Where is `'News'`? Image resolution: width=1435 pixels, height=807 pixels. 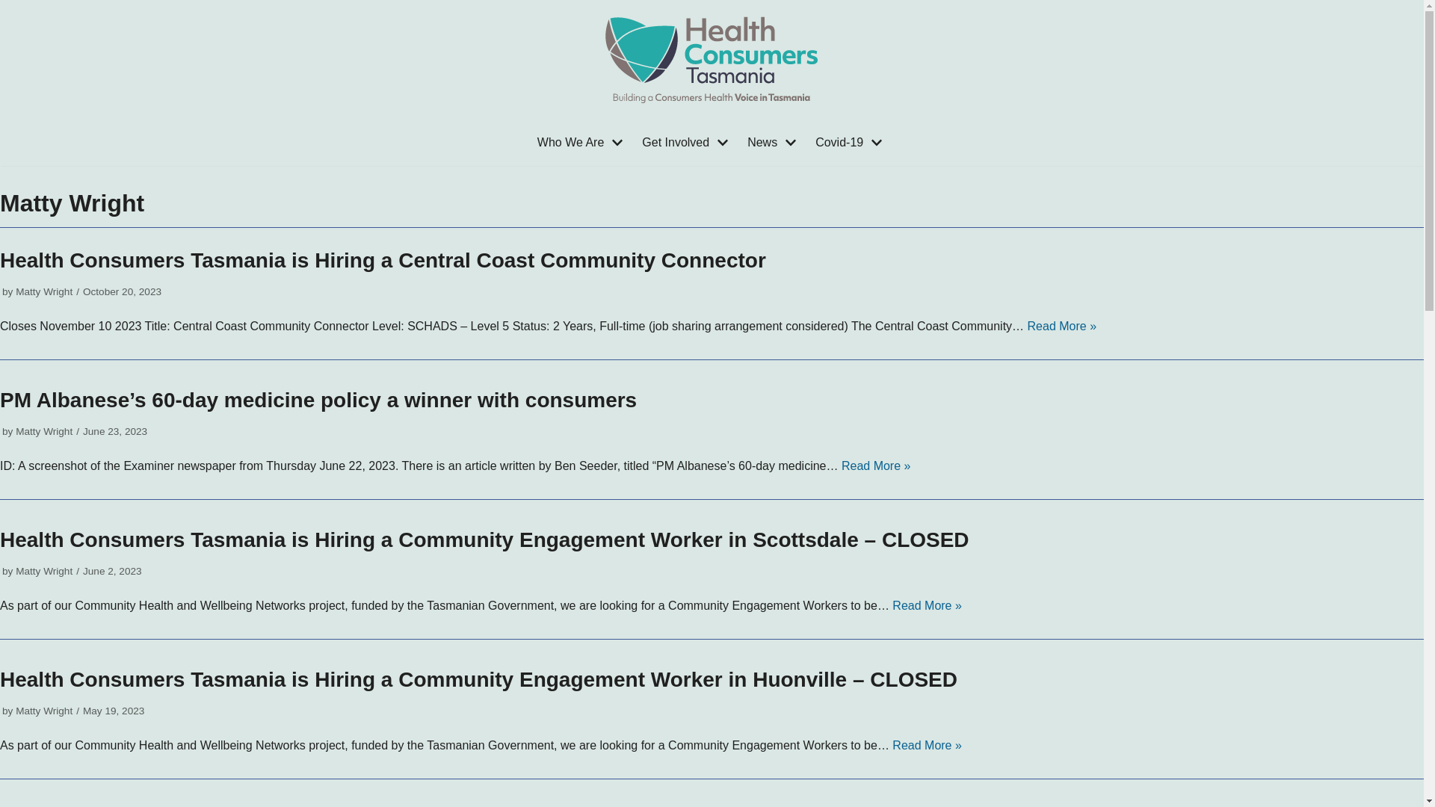 'News' is located at coordinates (774, 143).